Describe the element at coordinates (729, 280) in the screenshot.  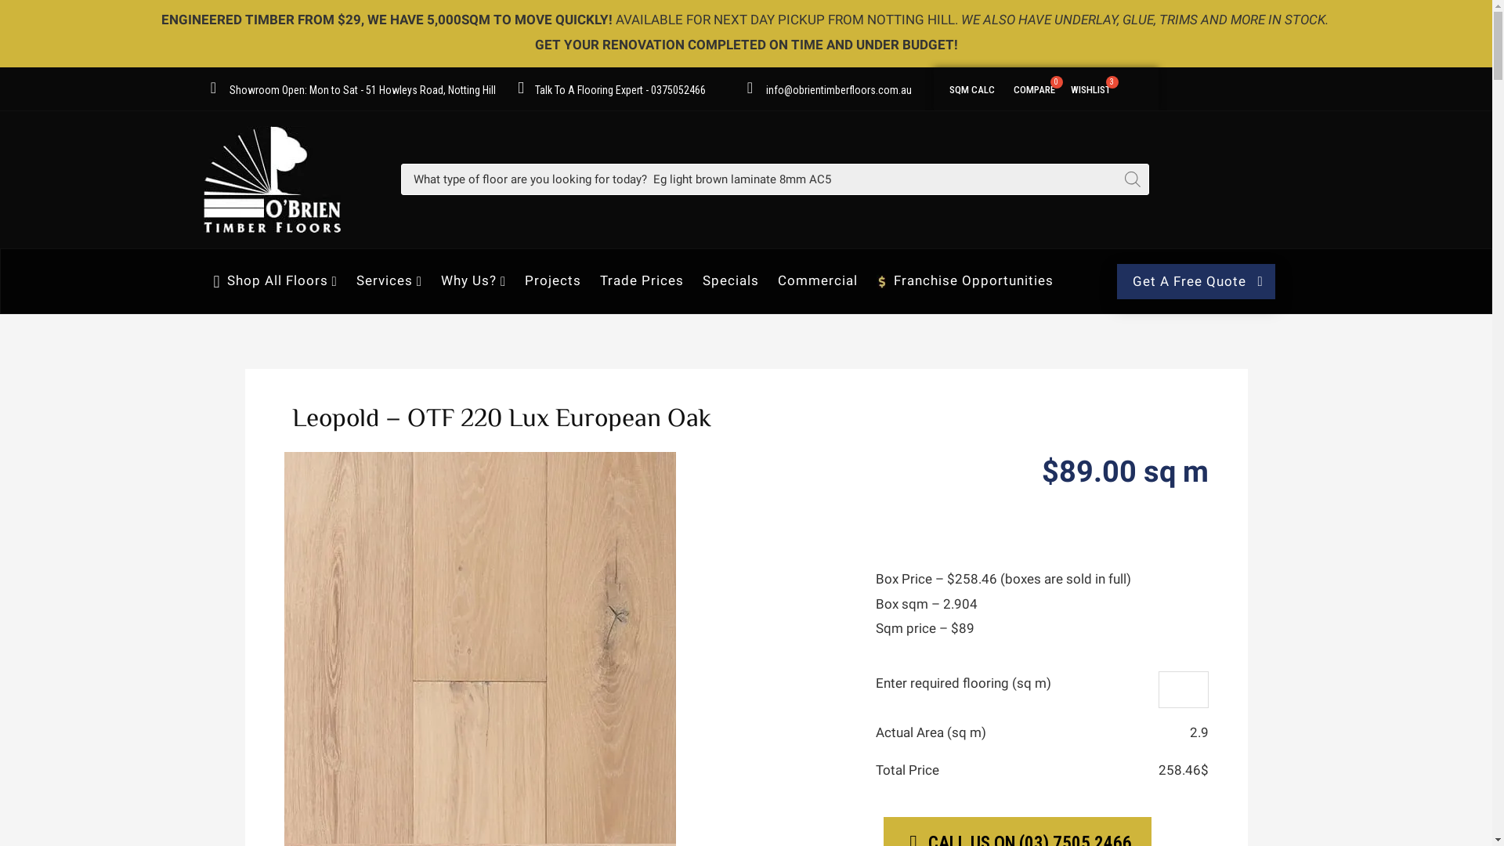
I see `'Specials'` at that location.